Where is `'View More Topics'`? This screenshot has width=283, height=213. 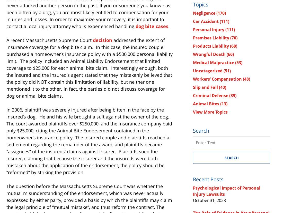 'View More Topics' is located at coordinates (210, 112).